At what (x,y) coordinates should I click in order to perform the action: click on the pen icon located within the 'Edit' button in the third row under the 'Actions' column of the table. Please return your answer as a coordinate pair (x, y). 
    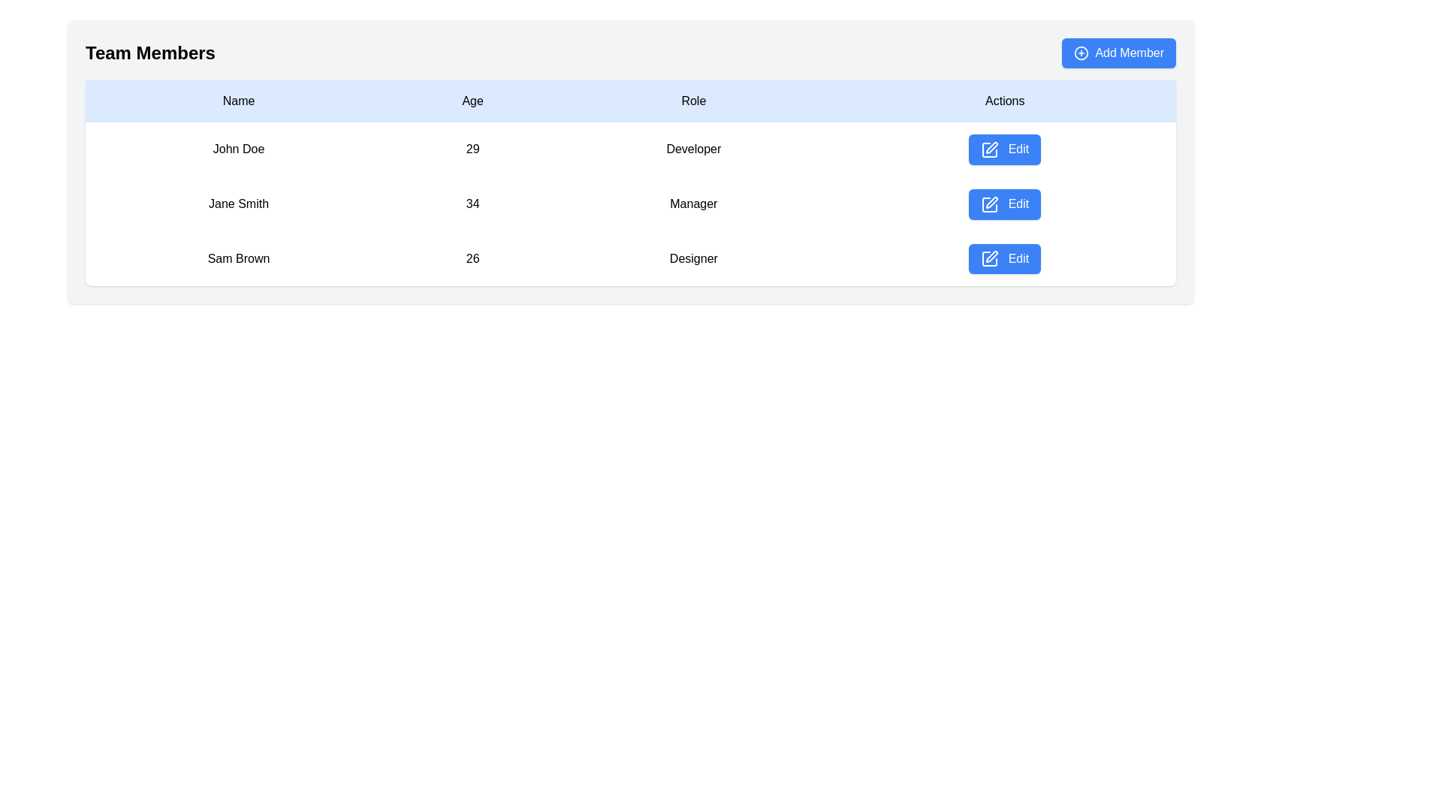
    Looking at the image, I should click on (990, 258).